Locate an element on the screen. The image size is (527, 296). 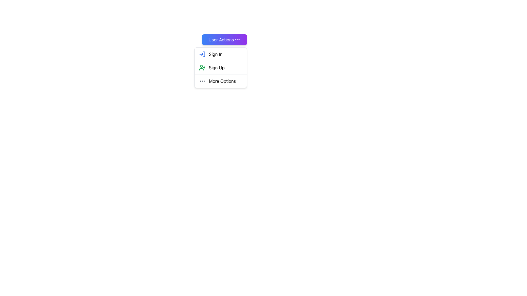
the second item in the 'User Actions' dropdown menu, which initiates the registration process is located at coordinates (221, 67).